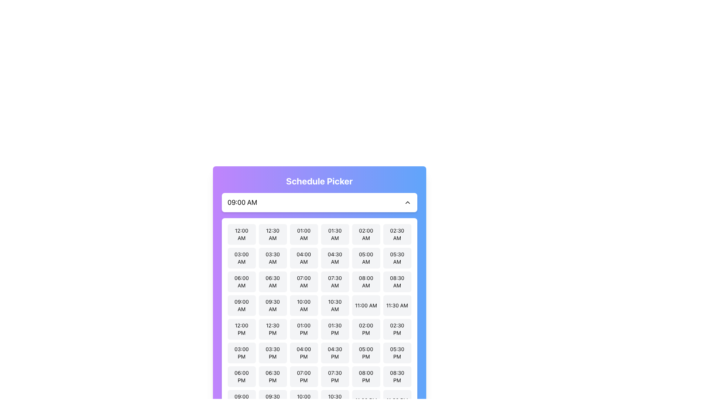 The height and width of the screenshot is (400, 711). I want to click on the rectangular button displaying '11:00 AM' to trigger the hover effect, so click(366, 306).